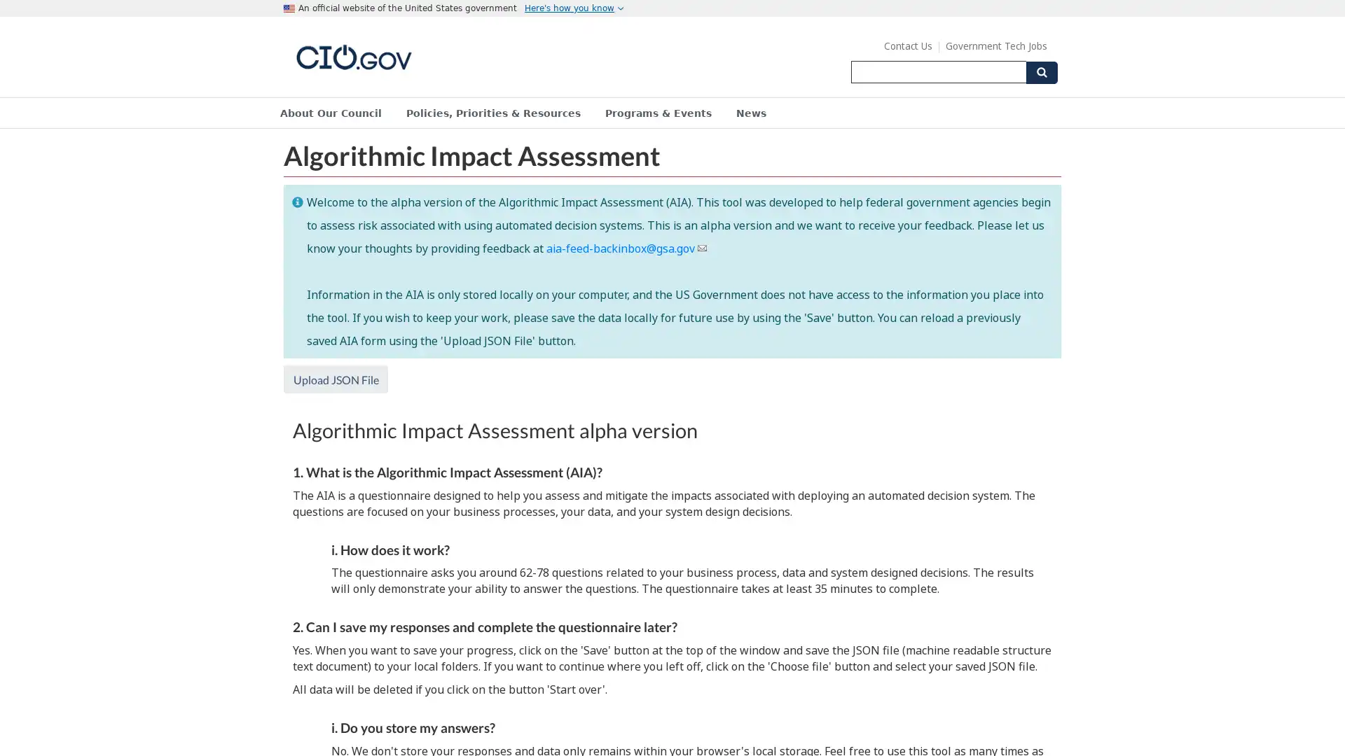 The image size is (1345, 756). What do you see at coordinates (1042, 72) in the screenshot?
I see `Search Submit` at bounding box center [1042, 72].